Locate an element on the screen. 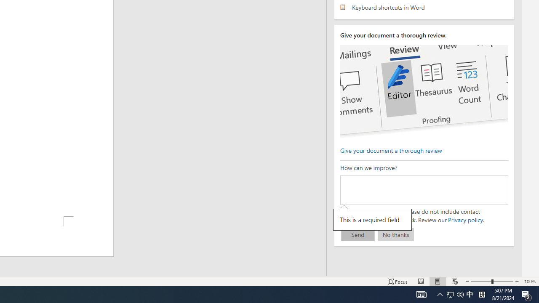 This screenshot has height=303, width=539. 'editor ui screenshot' is located at coordinates (424, 92).